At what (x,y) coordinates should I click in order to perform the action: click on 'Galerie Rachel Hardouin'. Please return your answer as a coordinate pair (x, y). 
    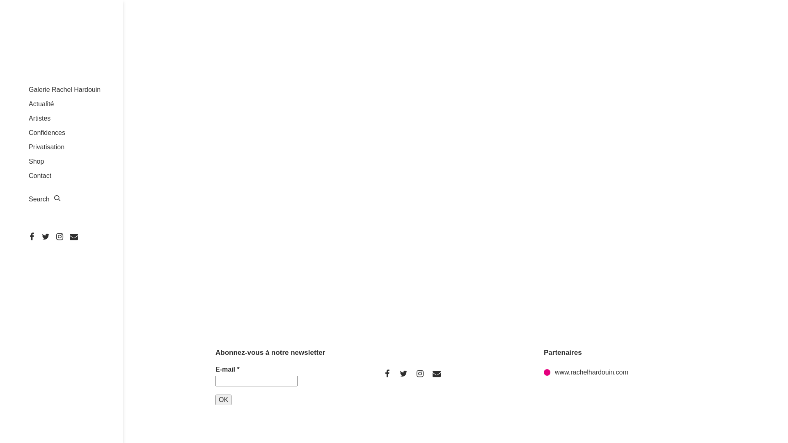
    Looking at the image, I should click on (64, 89).